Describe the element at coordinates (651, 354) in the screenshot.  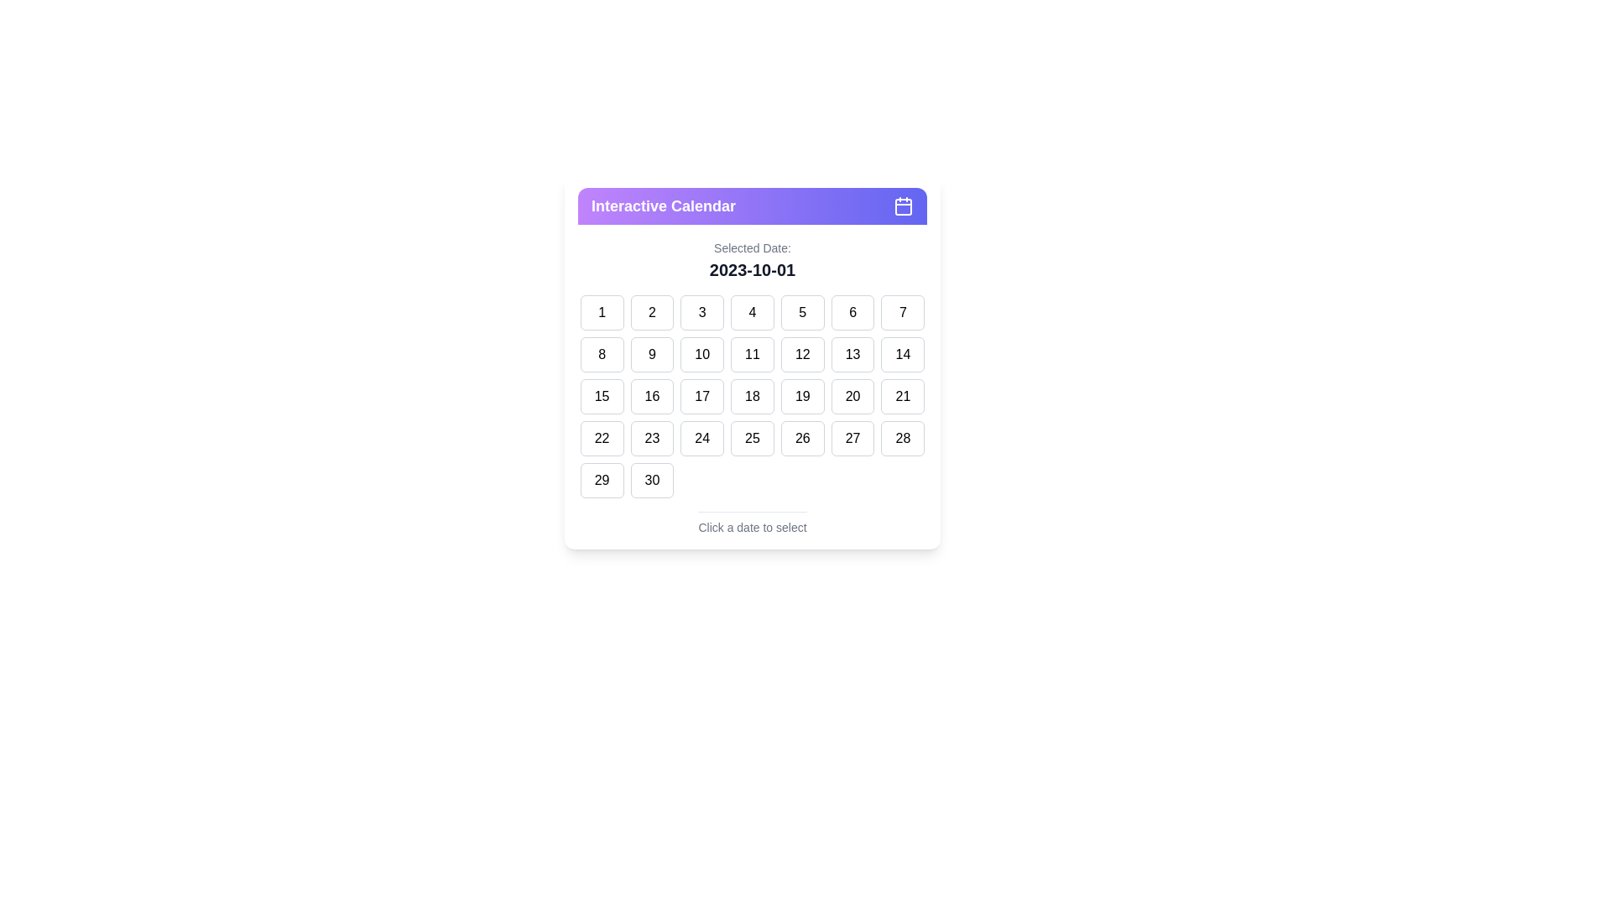
I see `the button displaying the number '9' in the calendar grid to change its appearance` at that location.